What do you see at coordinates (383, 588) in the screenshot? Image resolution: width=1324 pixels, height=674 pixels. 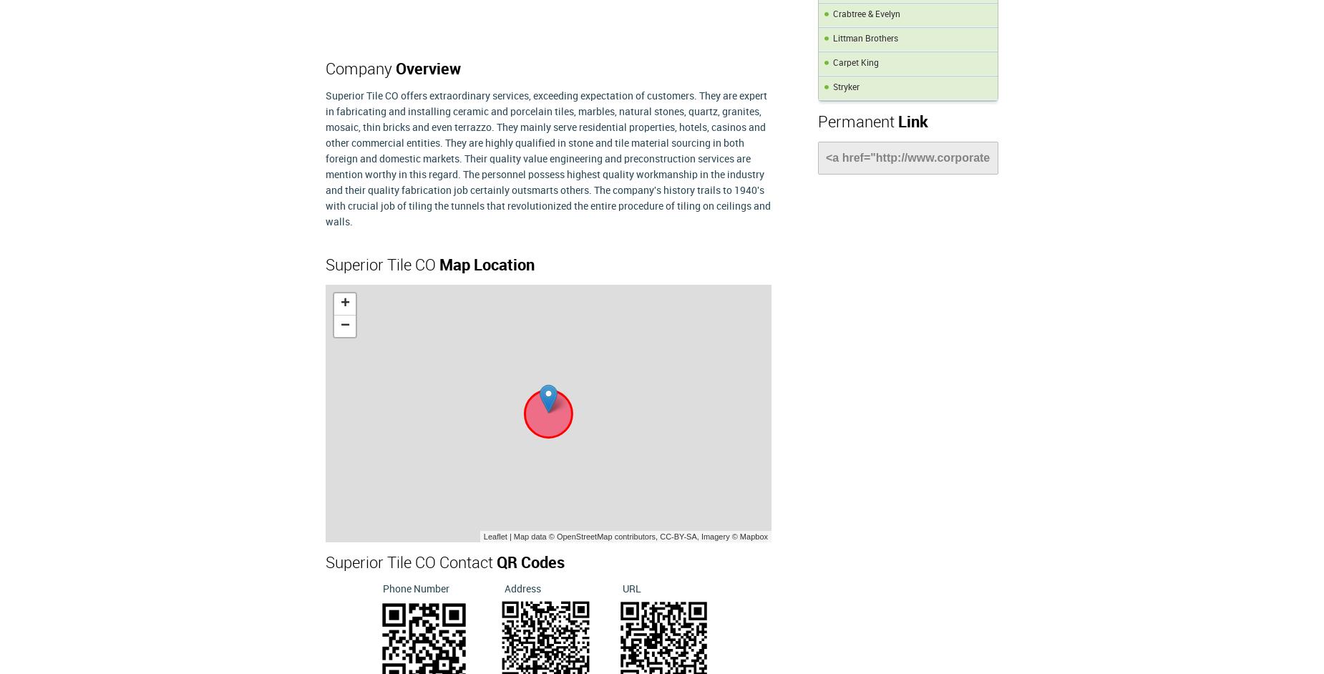 I see `'Phone Number'` at bounding box center [383, 588].